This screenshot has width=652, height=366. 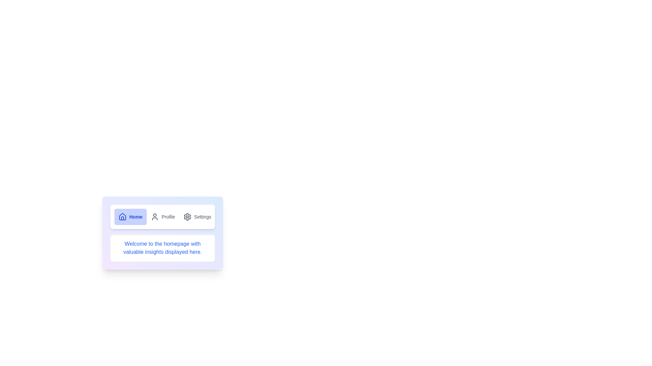 What do you see at coordinates (163, 217) in the screenshot?
I see `the Profile tab to display its content` at bounding box center [163, 217].